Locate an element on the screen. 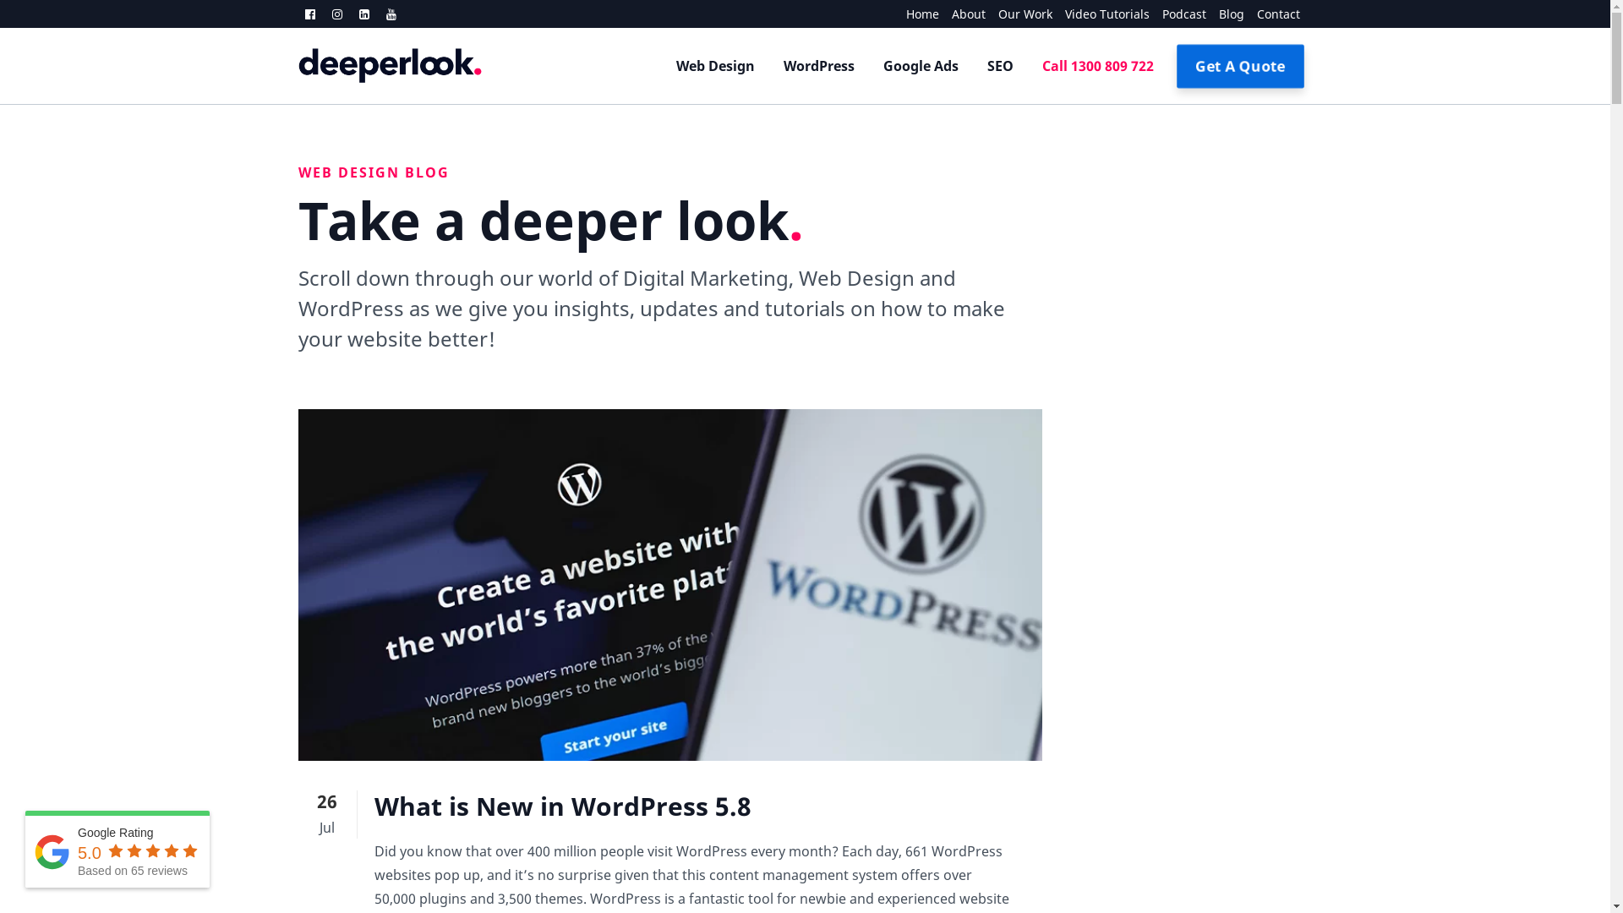  'Google Ads' is located at coordinates (920, 64).